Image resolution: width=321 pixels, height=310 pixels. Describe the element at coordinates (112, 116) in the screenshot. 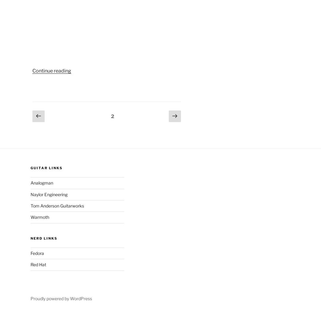

I see `'2'` at that location.